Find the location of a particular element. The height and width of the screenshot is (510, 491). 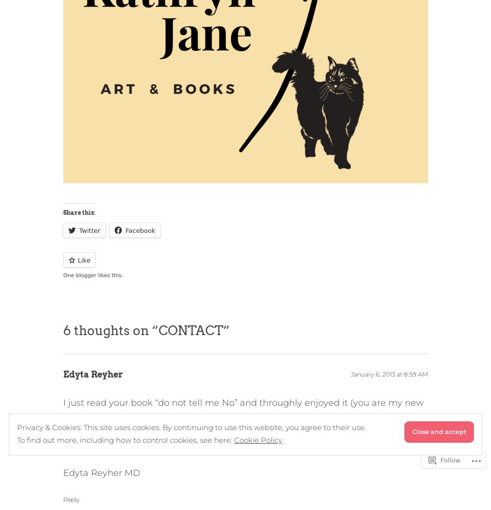

'Cookie Policy' is located at coordinates (258, 439).